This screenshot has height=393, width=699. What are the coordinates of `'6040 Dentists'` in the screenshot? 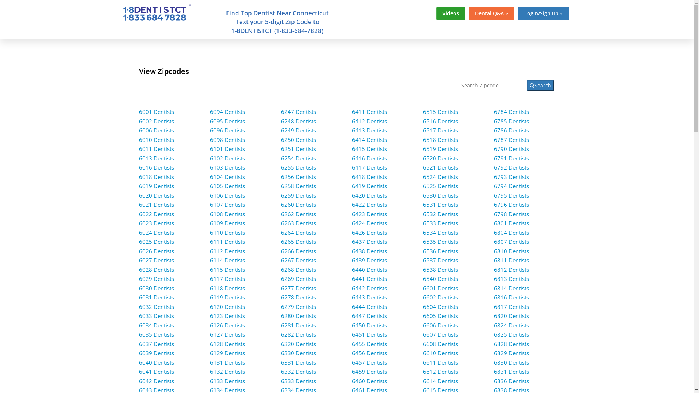 It's located at (156, 362).